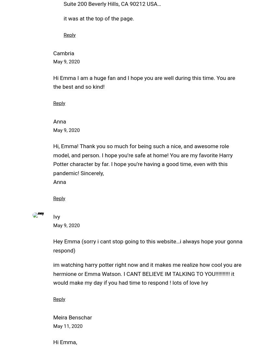 This screenshot has width=276, height=349. What do you see at coordinates (99, 18) in the screenshot?
I see `'it was at the top of the page.'` at bounding box center [99, 18].